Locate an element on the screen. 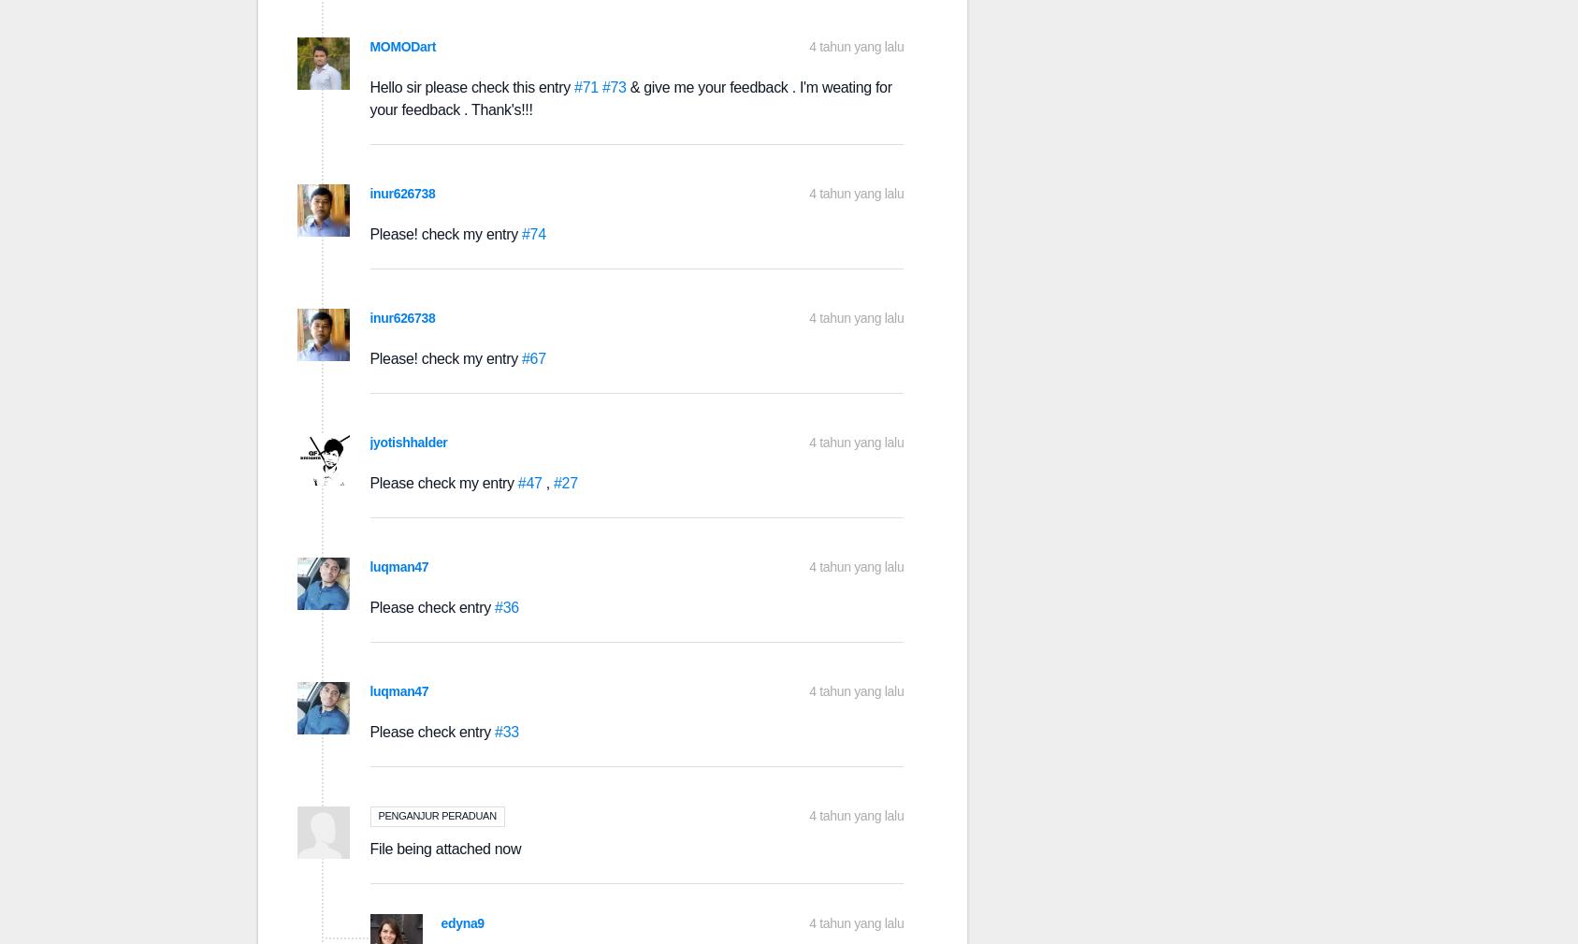 Image resolution: width=1578 pixels, height=944 pixels. '#74' is located at coordinates (520, 233).